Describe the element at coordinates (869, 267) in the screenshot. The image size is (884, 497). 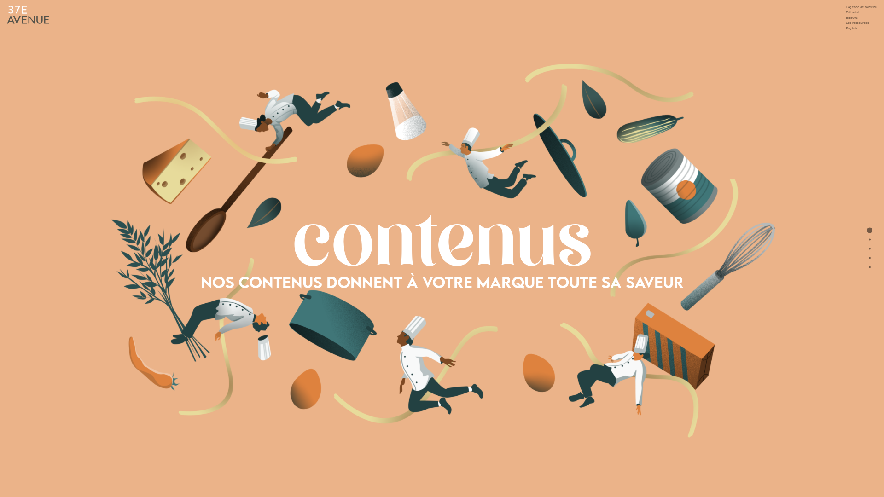
I see `'Menu'` at that location.